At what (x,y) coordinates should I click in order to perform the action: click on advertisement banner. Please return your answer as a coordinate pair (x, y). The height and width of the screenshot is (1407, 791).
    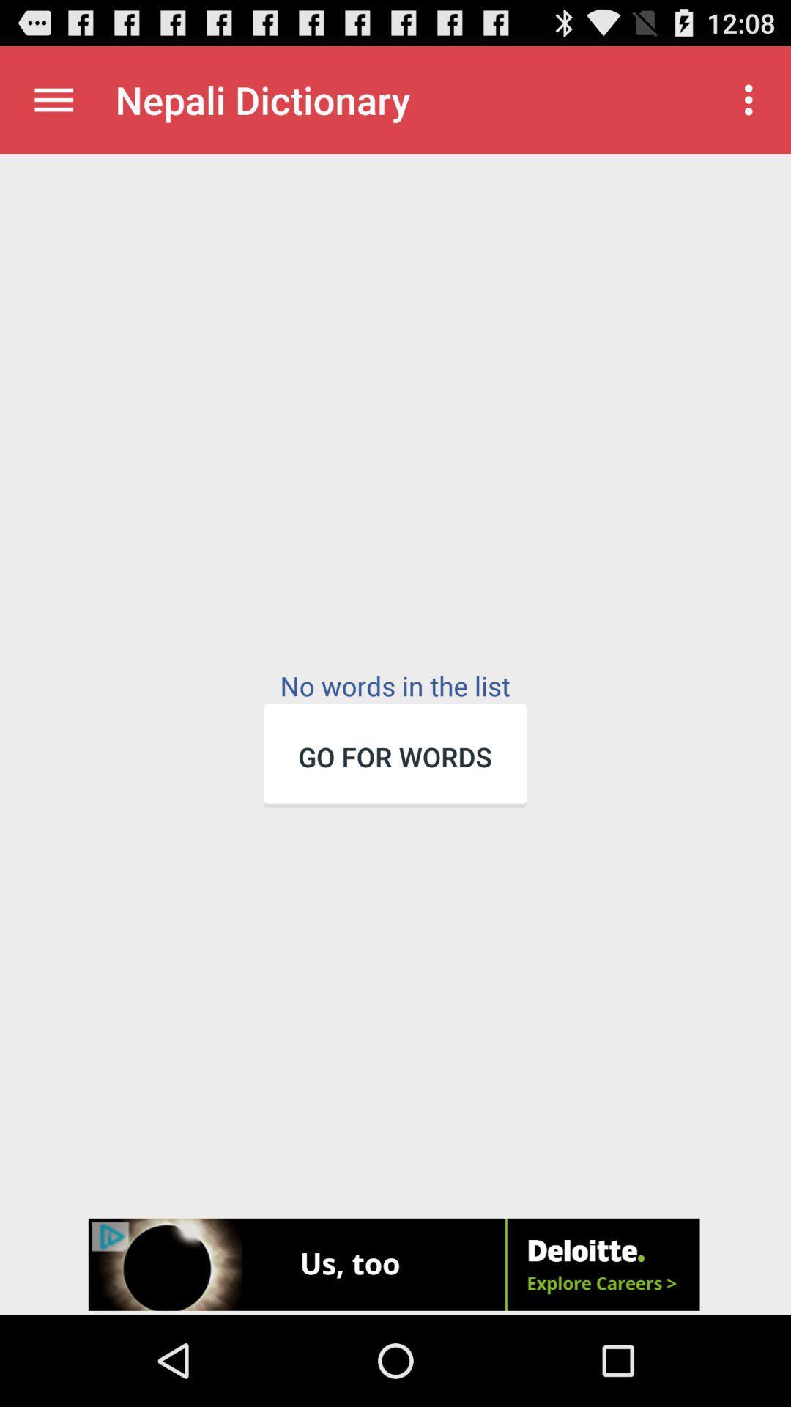
    Looking at the image, I should click on (395, 1266).